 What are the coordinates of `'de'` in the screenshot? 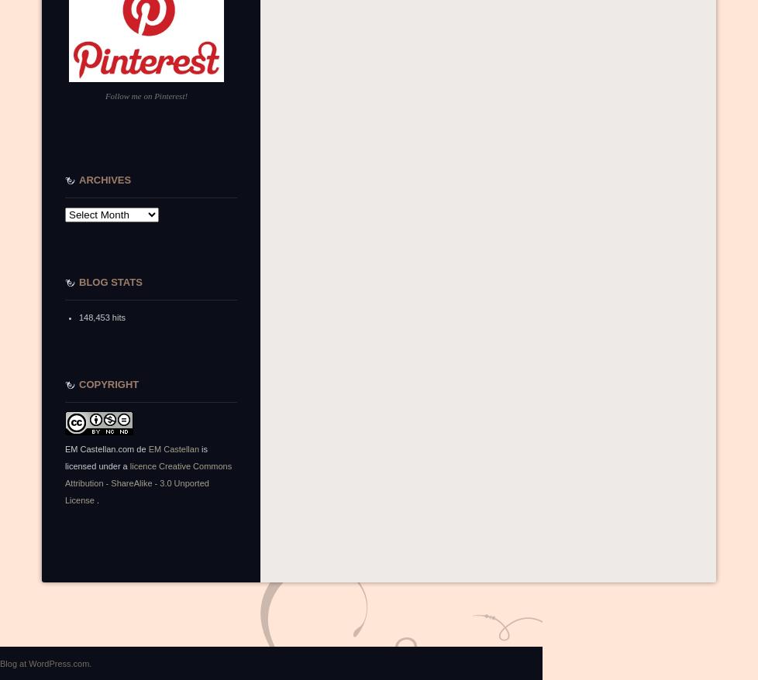 It's located at (141, 449).